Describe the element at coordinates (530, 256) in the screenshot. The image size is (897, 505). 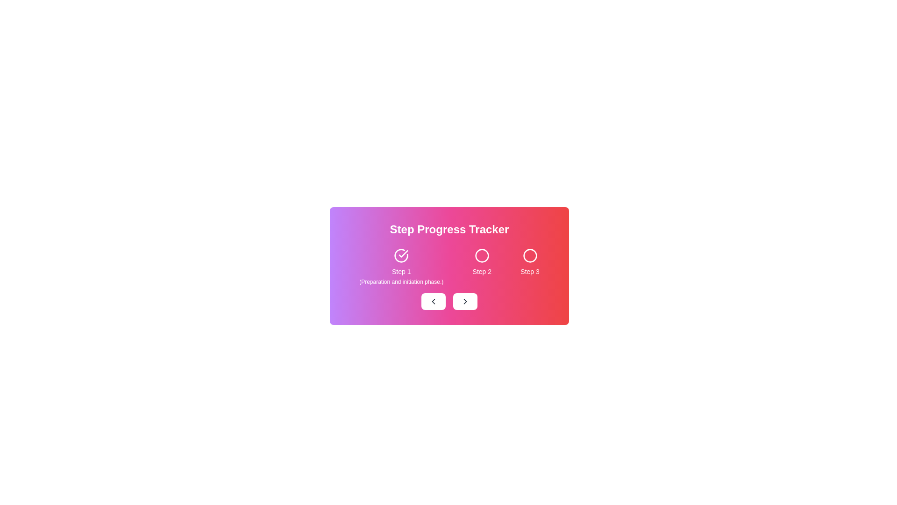
I see `the third circular icon indicating 'Step 3' in the step progress tracker interface located at the top of the gradient card` at that location.